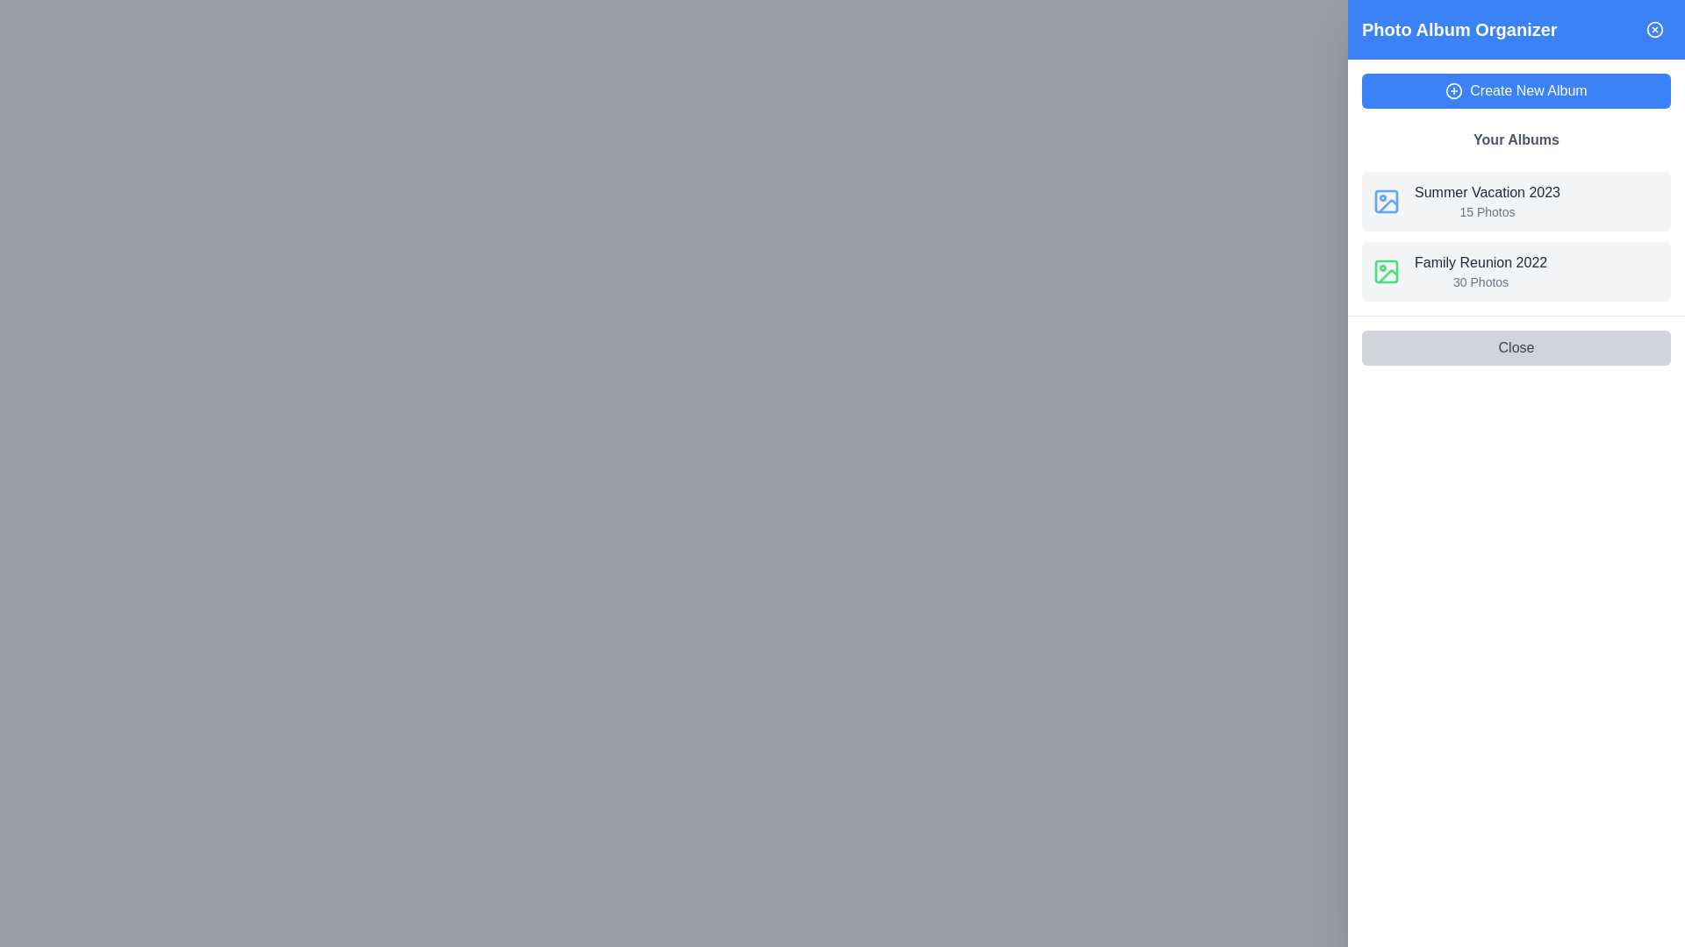 Image resolution: width=1685 pixels, height=947 pixels. What do you see at coordinates (1516, 271) in the screenshot?
I see `the second album summary card in the 'Your Albums' section` at bounding box center [1516, 271].